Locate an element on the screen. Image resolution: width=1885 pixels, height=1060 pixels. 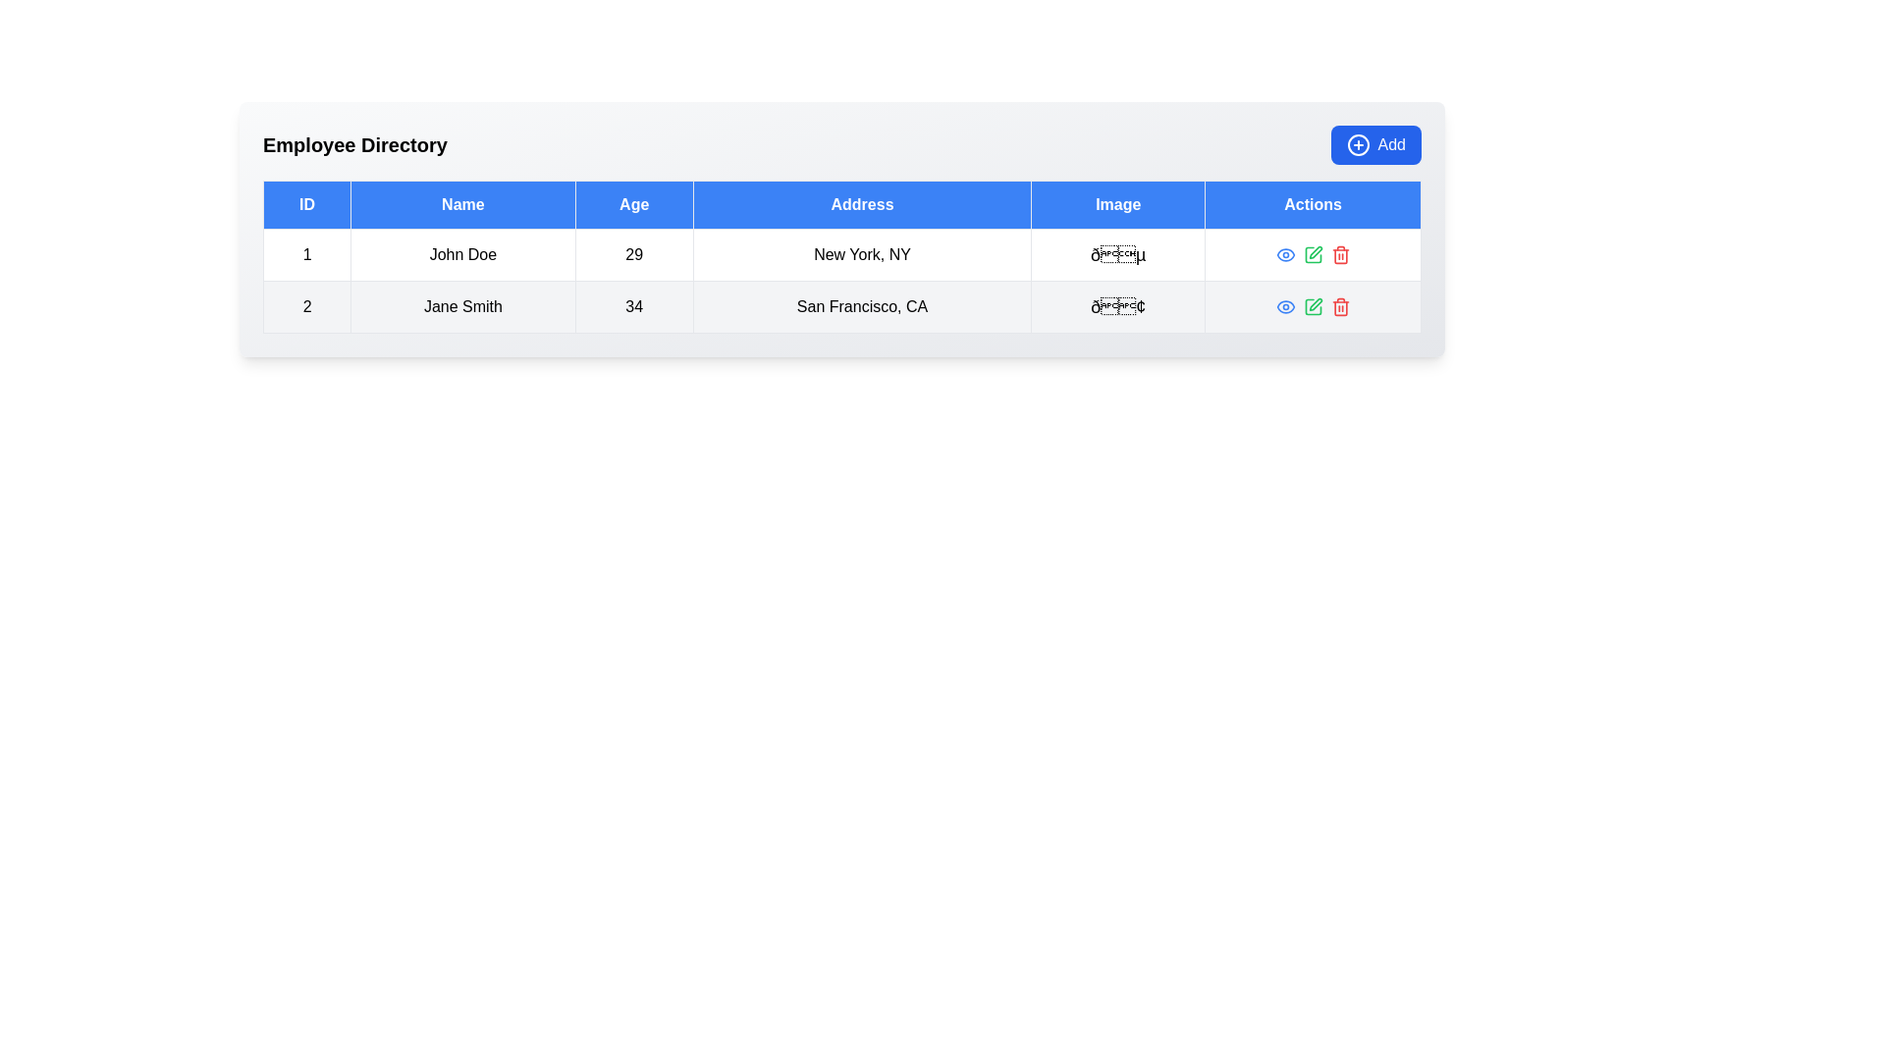
the eye icon button located in the 'Actions' column of the second row, which is styled in blue and changes to a darker blue on hover is located at coordinates (1285, 253).